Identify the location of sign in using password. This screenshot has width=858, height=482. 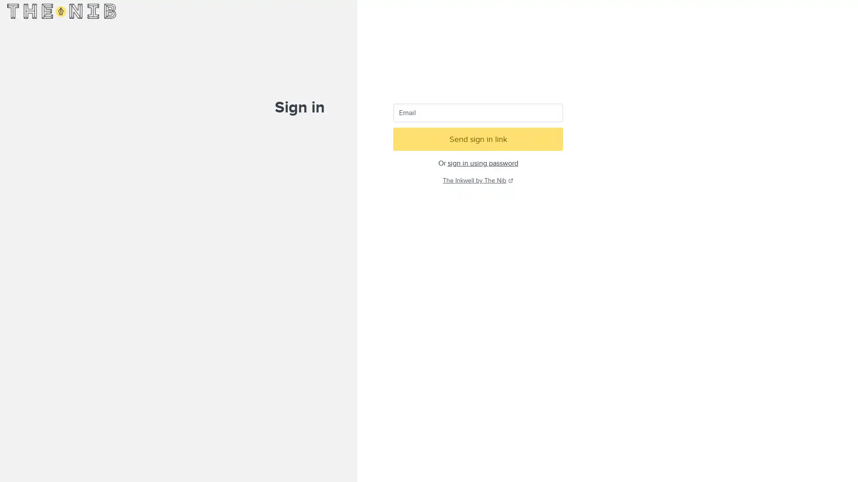
(482, 163).